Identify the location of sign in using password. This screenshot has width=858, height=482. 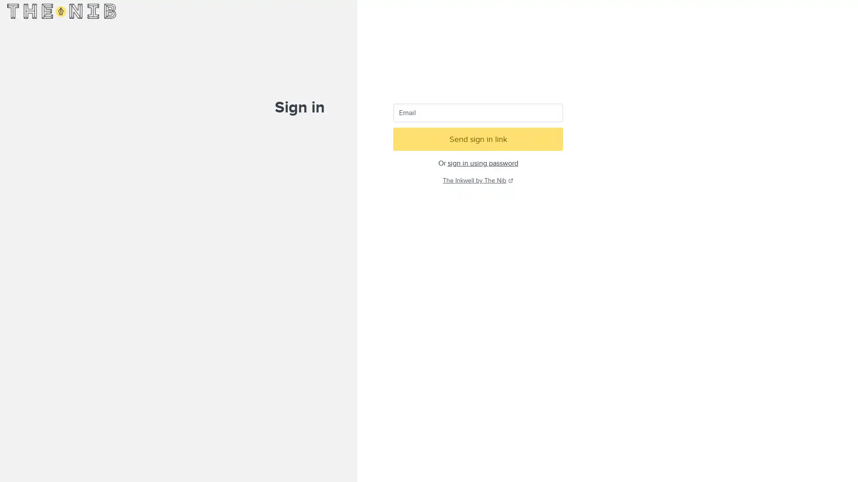
(482, 163).